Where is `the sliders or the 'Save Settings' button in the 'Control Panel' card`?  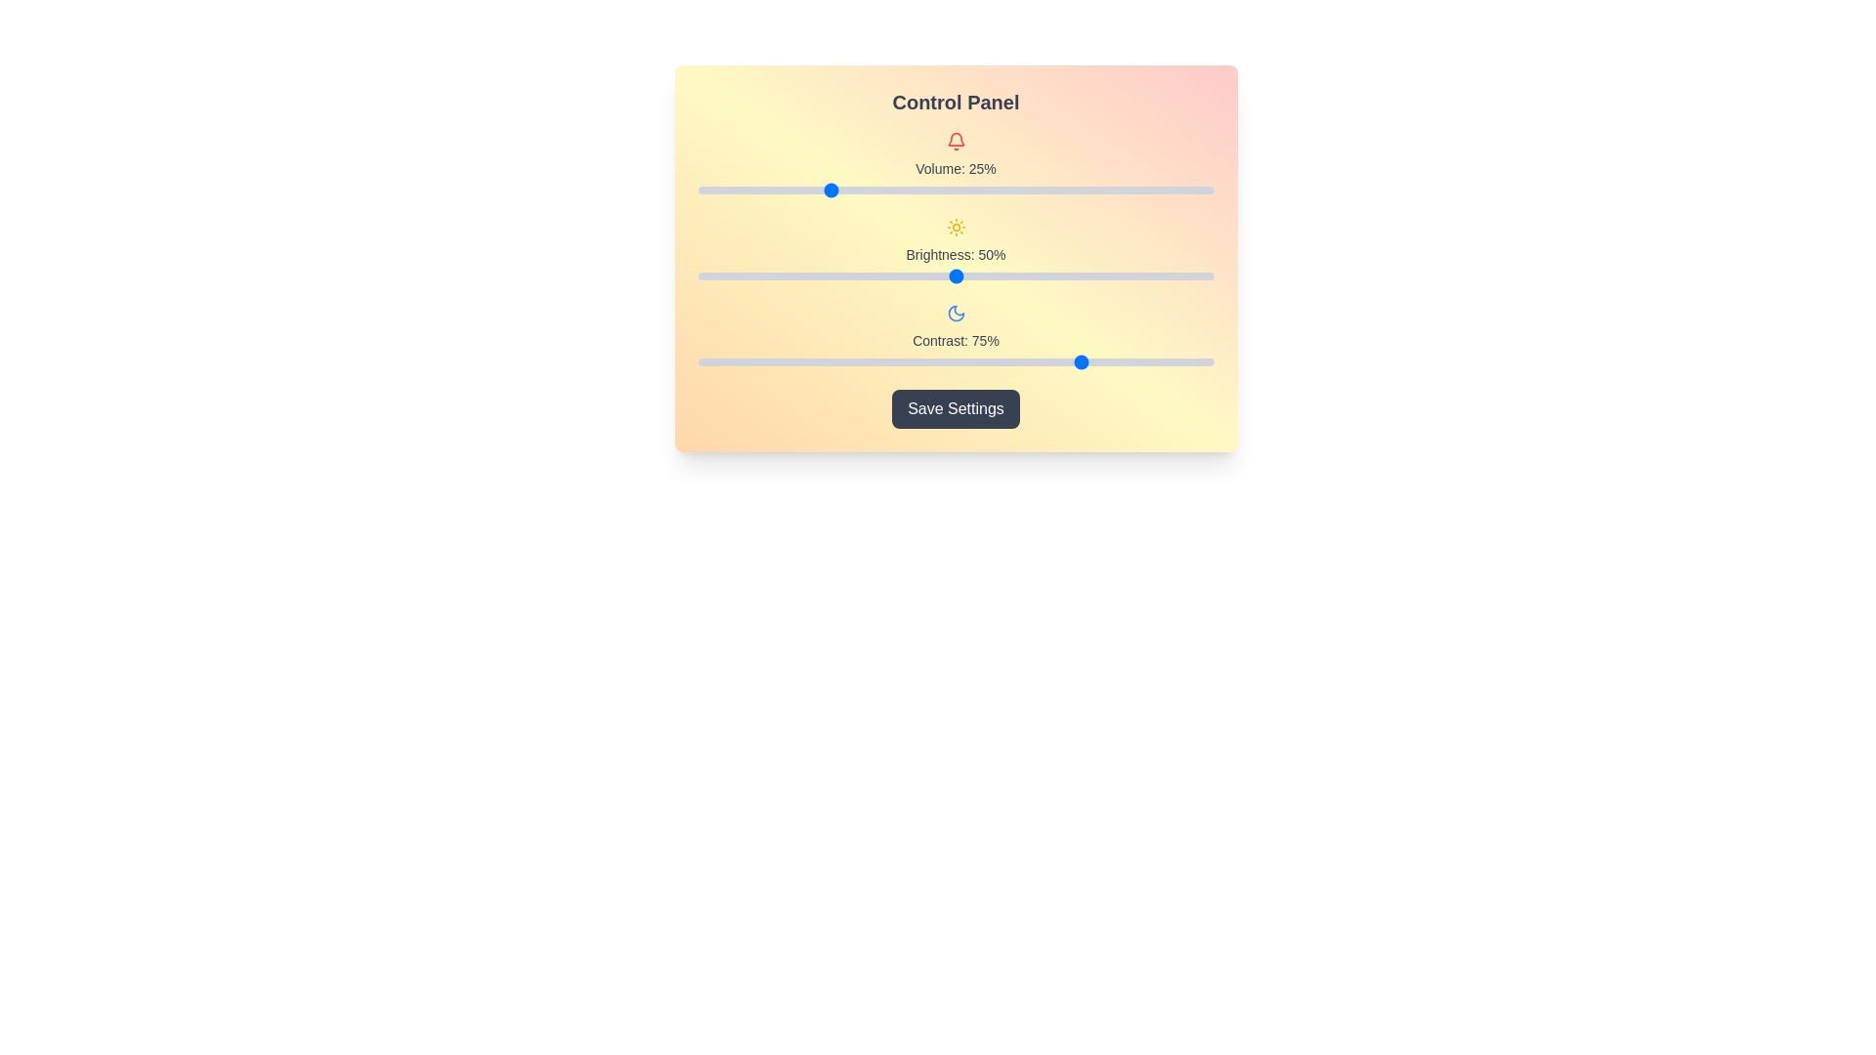 the sliders or the 'Save Settings' button in the 'Control Panel' card is located at coordinates (956, 258).